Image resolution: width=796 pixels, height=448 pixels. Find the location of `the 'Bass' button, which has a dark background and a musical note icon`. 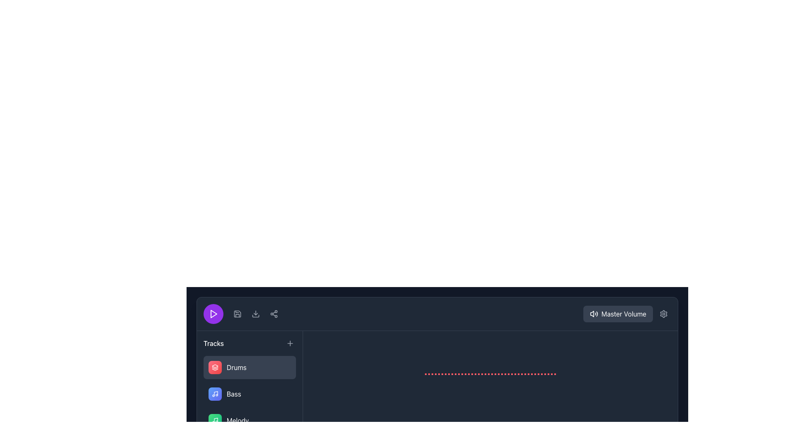

the 'Bass' button, which has a dark background and a musical note icon is located at coordinates (249, 393).